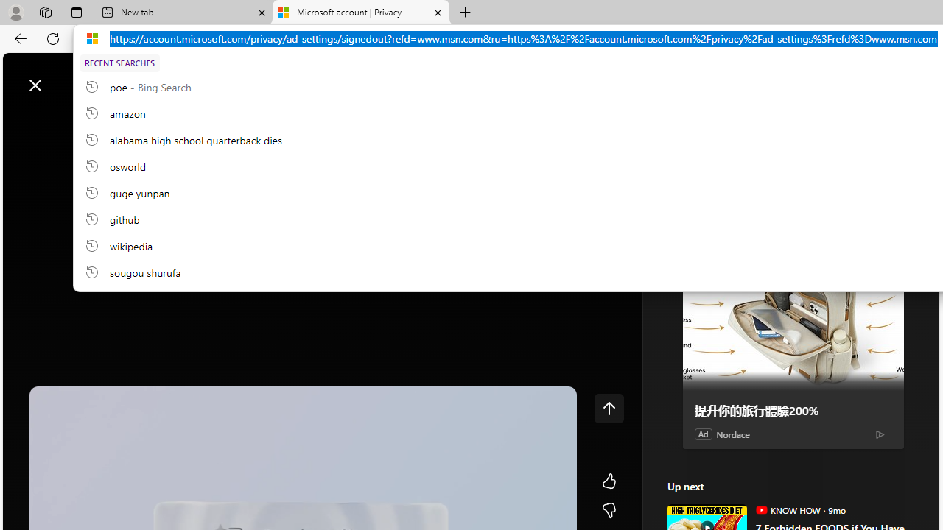  I want to click on 'KNOW HOW', so click(761, 509).